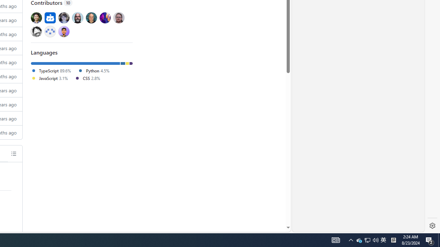  What do you see at coordinates (87, 78) in the screenshot?
I see `'CSS 2.8%'` at bounding box center [87, 78].